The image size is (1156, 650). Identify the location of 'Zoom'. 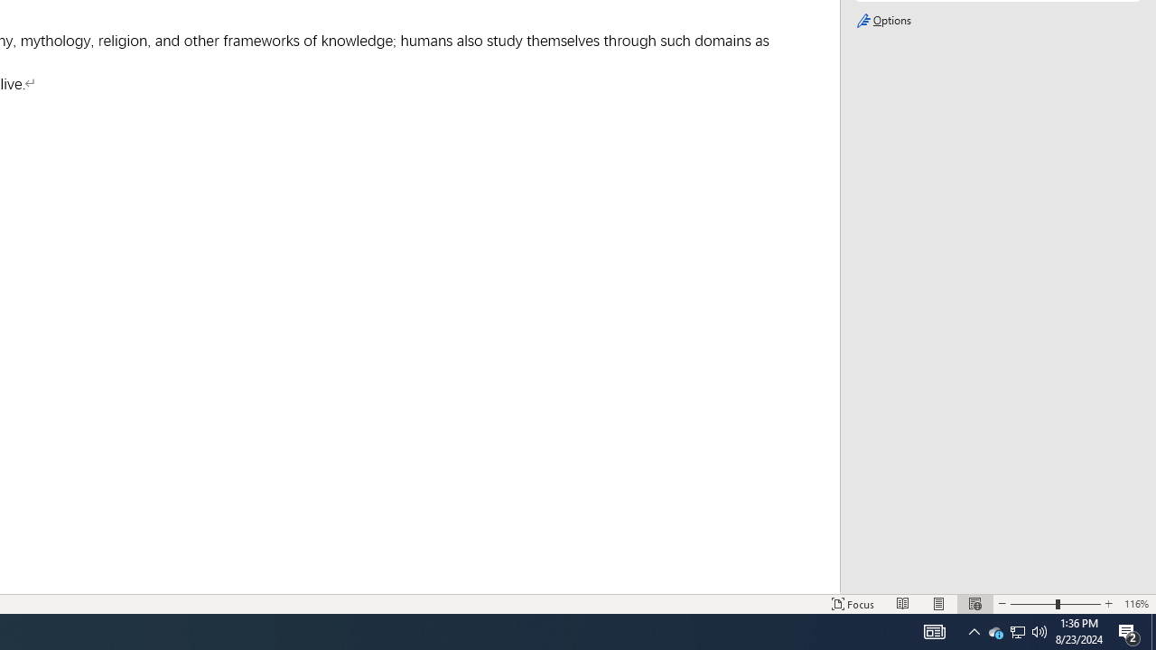
(1055, 604).